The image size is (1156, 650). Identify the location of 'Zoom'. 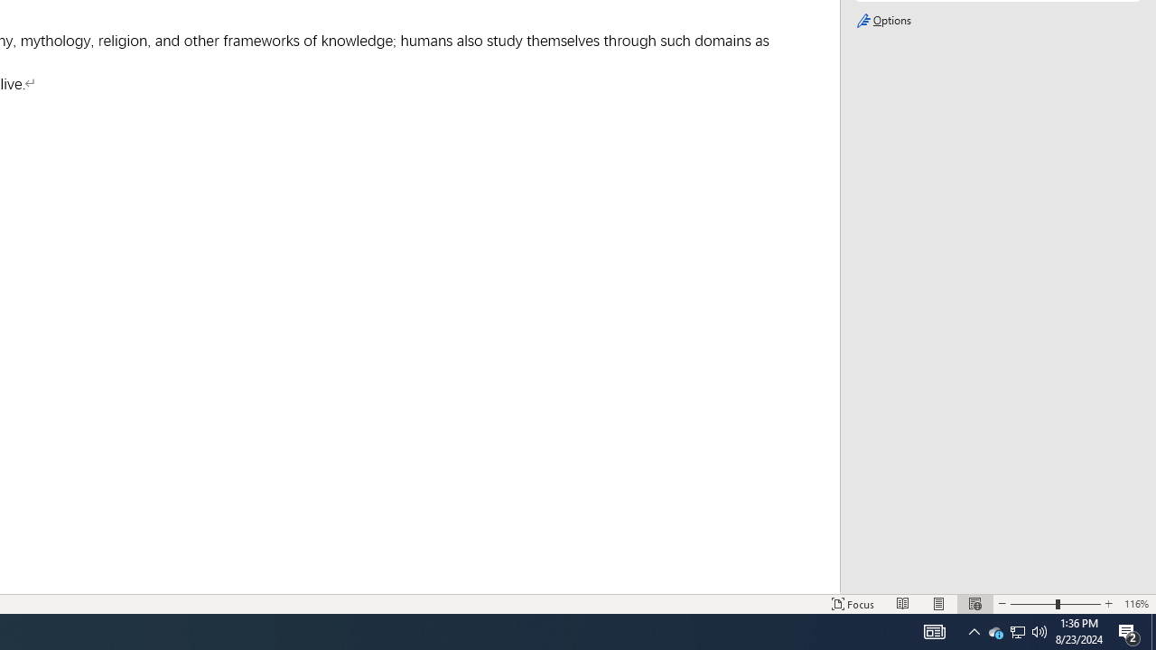
(1055, 604).